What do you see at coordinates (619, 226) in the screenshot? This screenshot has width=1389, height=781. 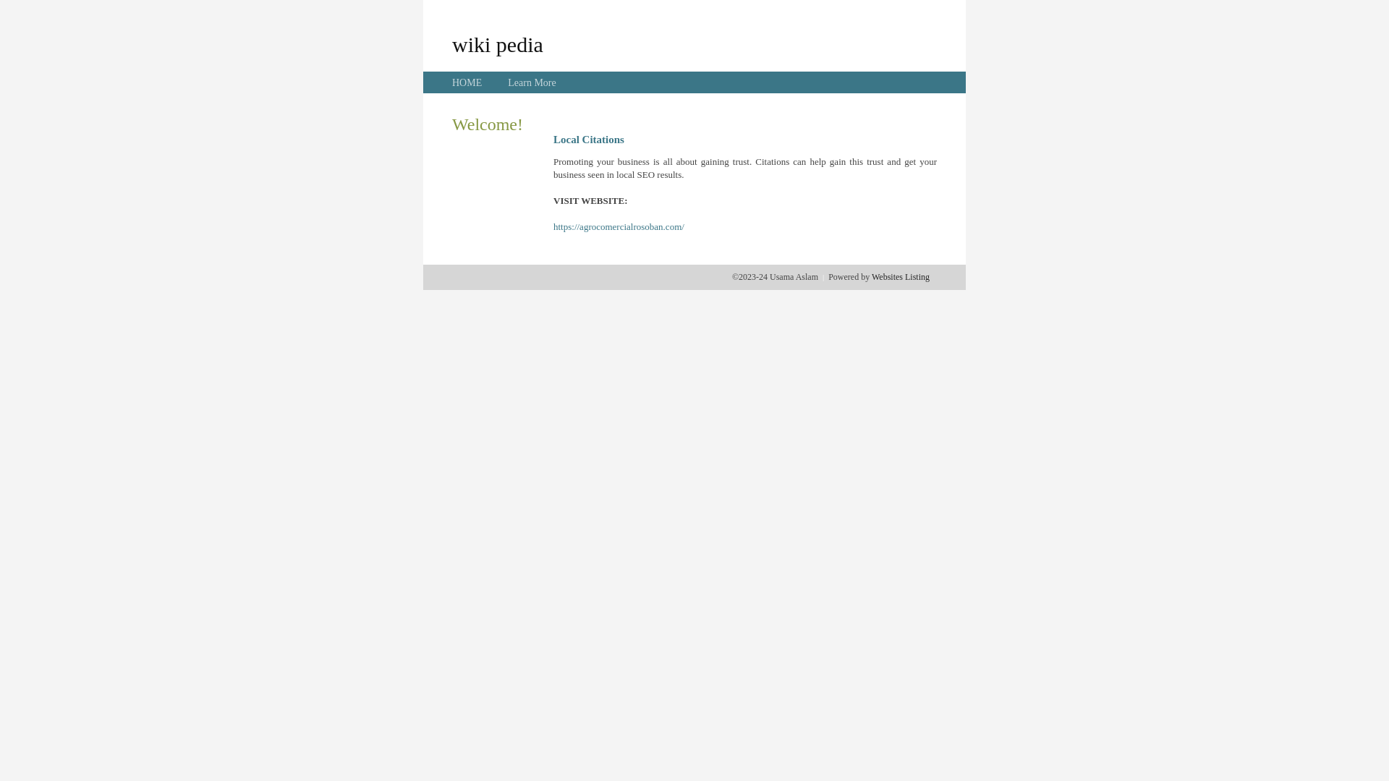 I see `'https://agrocomercialrosoban.com/'` at bounding box center [619, 226].